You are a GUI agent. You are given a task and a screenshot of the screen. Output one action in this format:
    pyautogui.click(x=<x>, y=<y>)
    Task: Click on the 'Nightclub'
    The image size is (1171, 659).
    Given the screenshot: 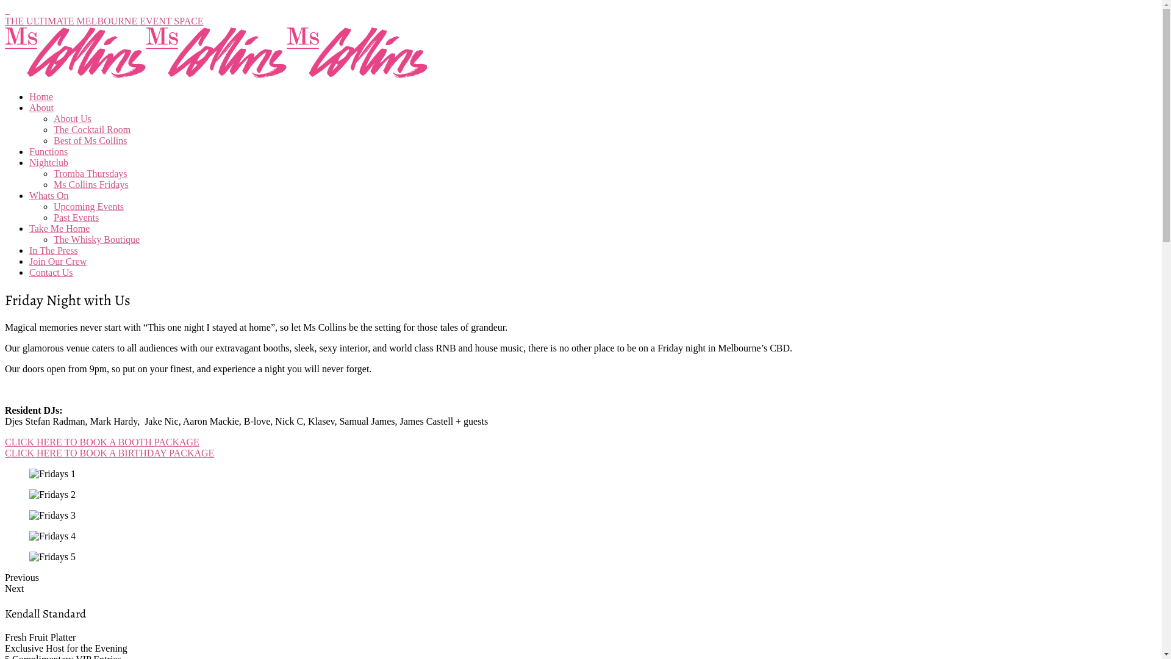 What is the action you would take?
    pyautogui.click(x=49, y=162)
    